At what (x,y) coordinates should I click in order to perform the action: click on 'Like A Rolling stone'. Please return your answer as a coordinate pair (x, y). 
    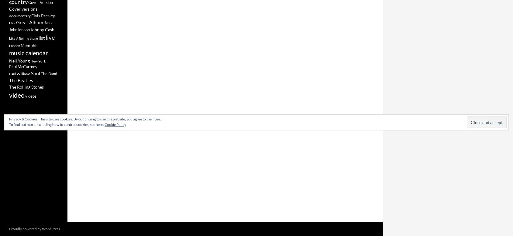
    Looking at the image, I should click on (23, 38).